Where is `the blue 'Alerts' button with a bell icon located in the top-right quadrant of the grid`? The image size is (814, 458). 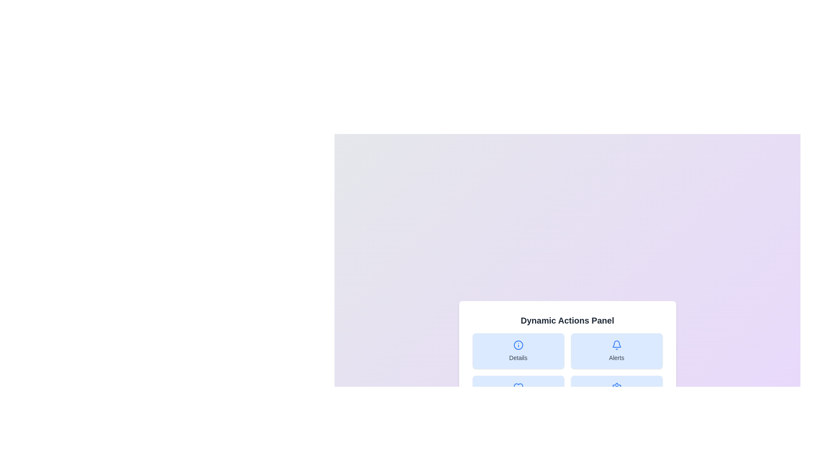 the blue 'Alerts' button with a bell icon located in the top-right quadrant of the grid is located at coordinates (616, 351).